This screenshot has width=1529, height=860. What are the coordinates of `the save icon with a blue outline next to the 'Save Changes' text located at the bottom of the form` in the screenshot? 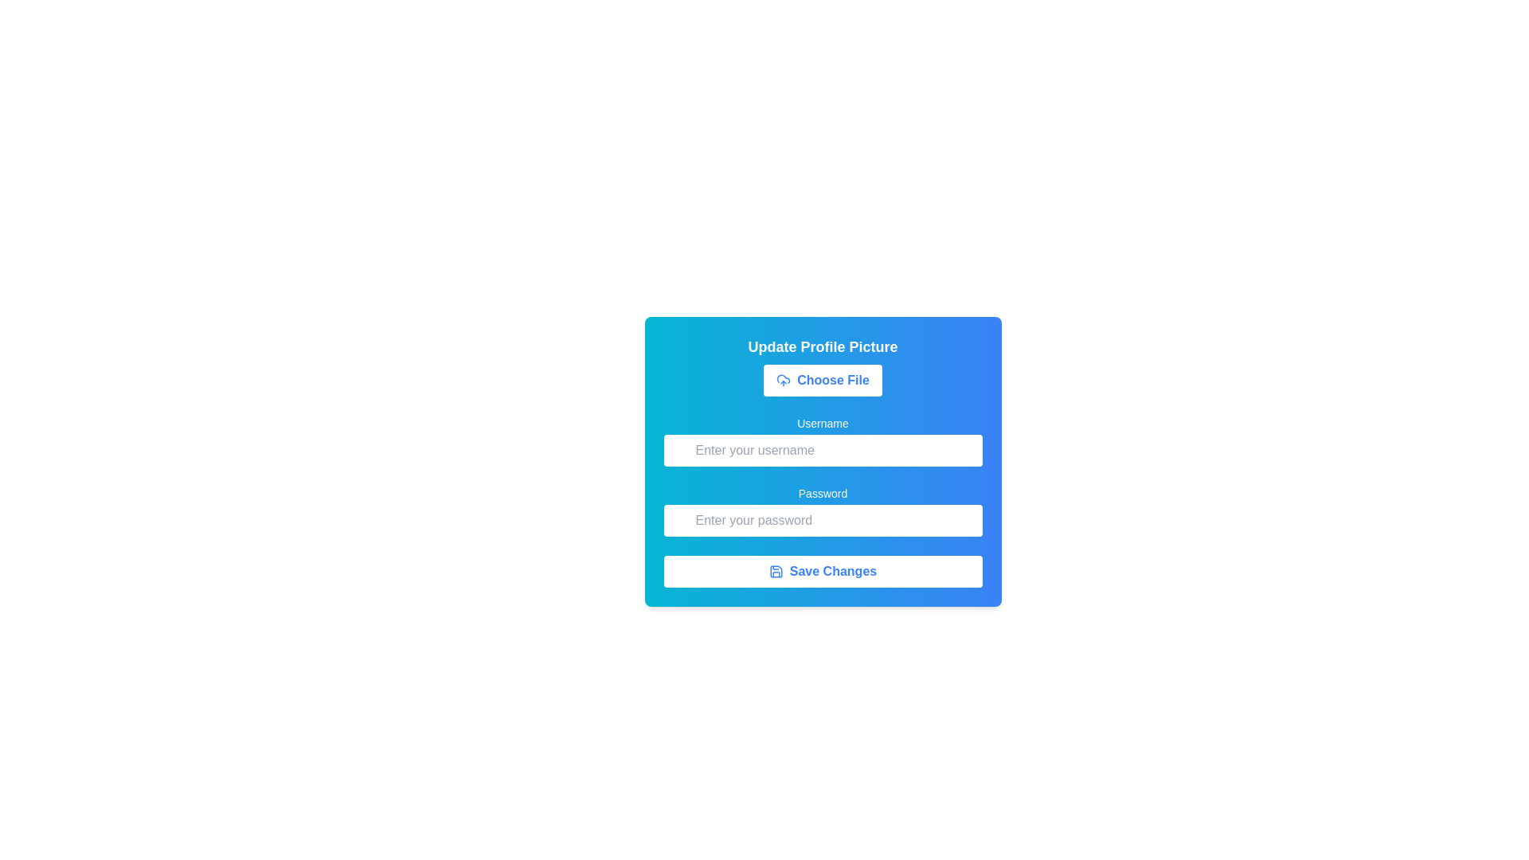 It's located at (776, 570).